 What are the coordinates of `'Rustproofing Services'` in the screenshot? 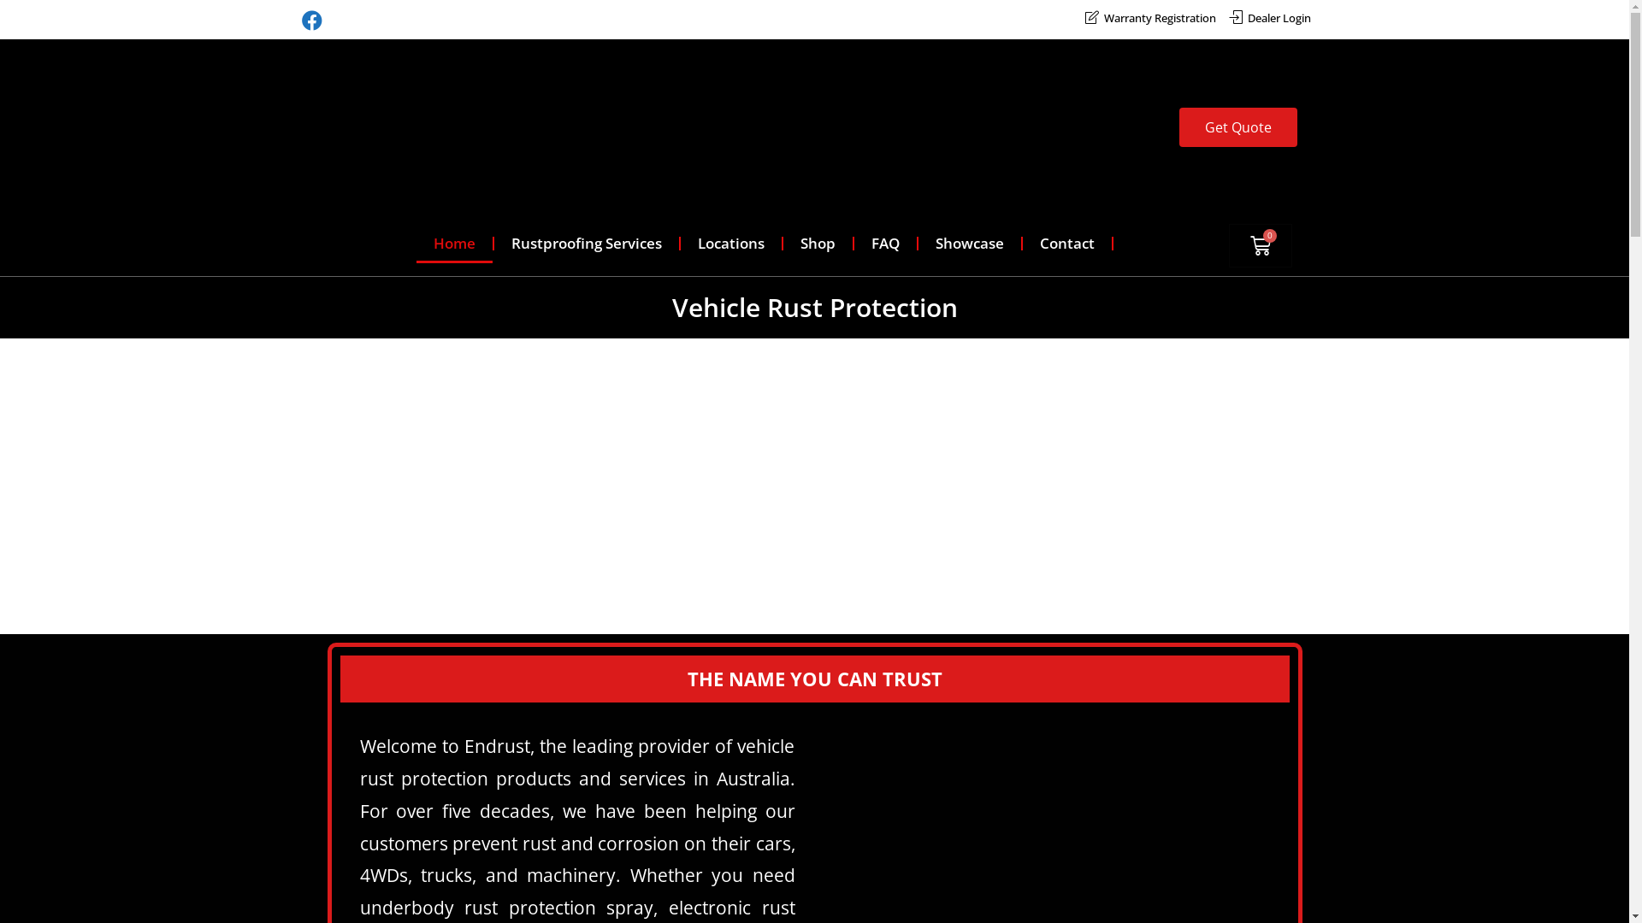 It's located at (587, 244).